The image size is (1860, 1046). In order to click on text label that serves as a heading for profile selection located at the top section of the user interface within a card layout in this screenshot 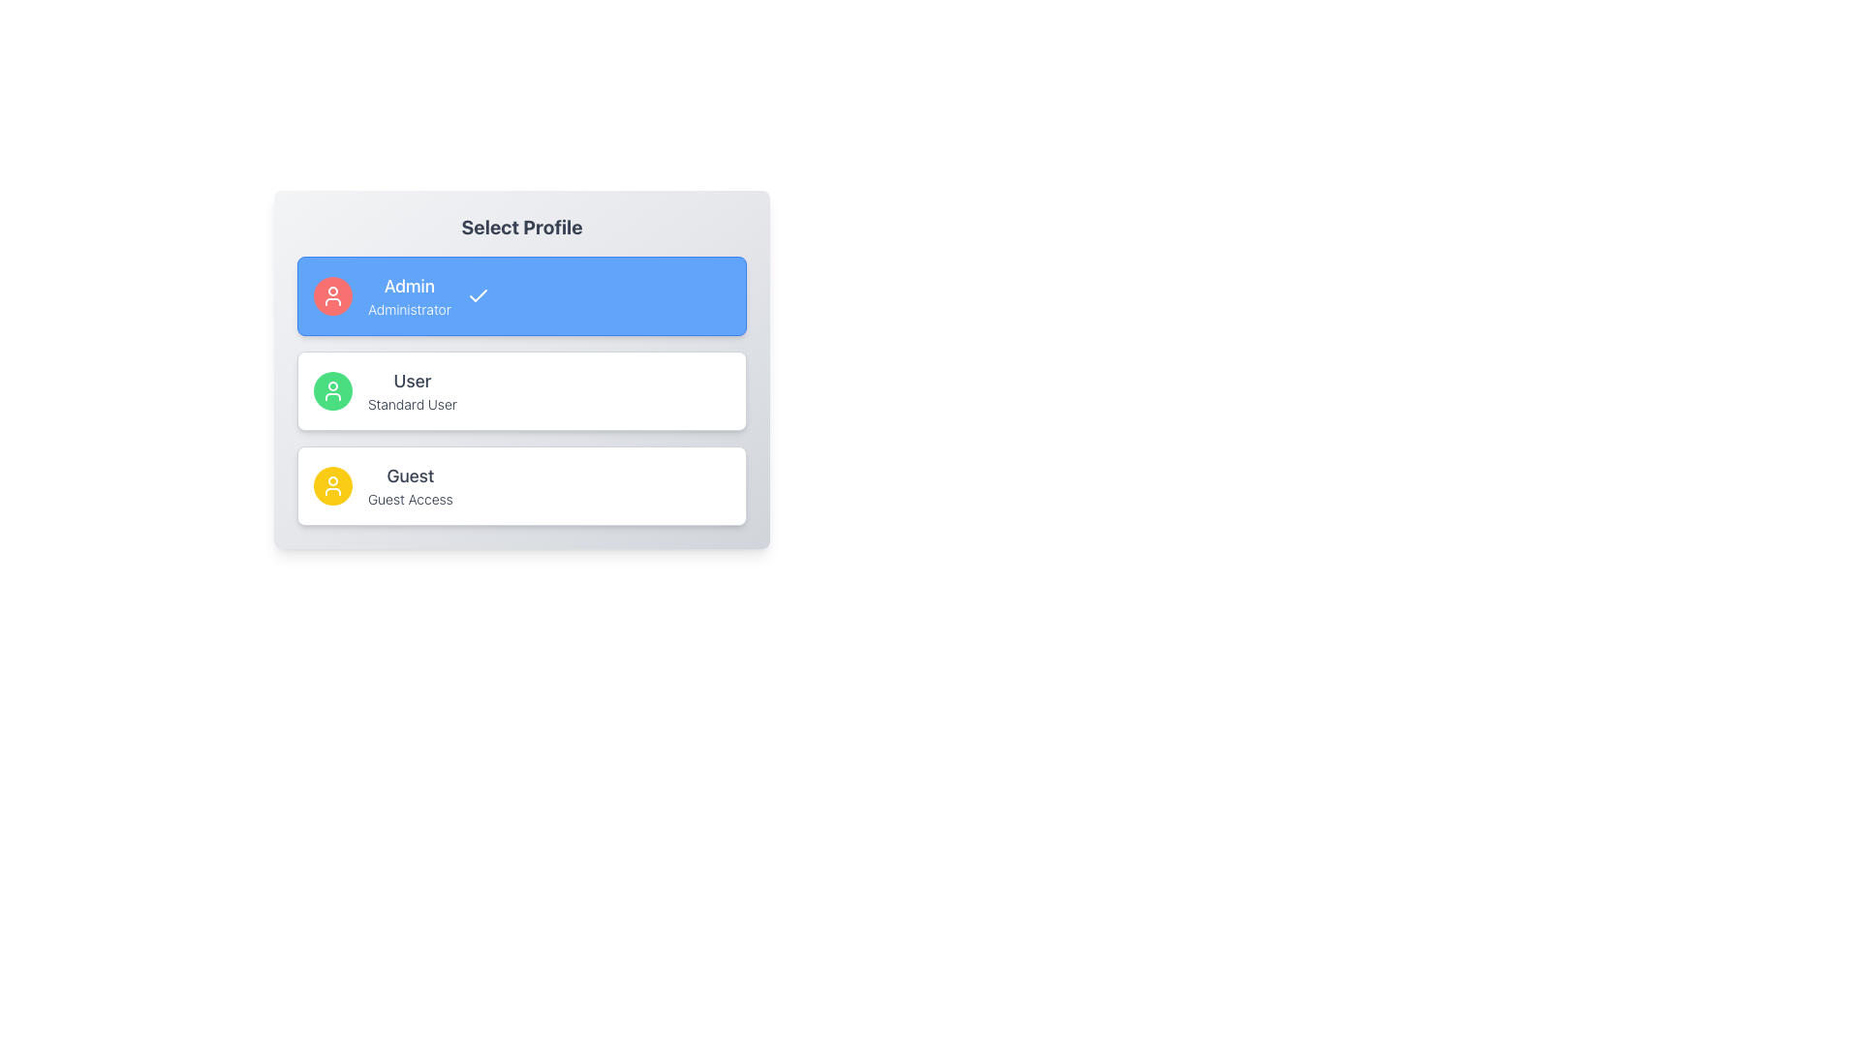, I will do `click(521, 227)`.